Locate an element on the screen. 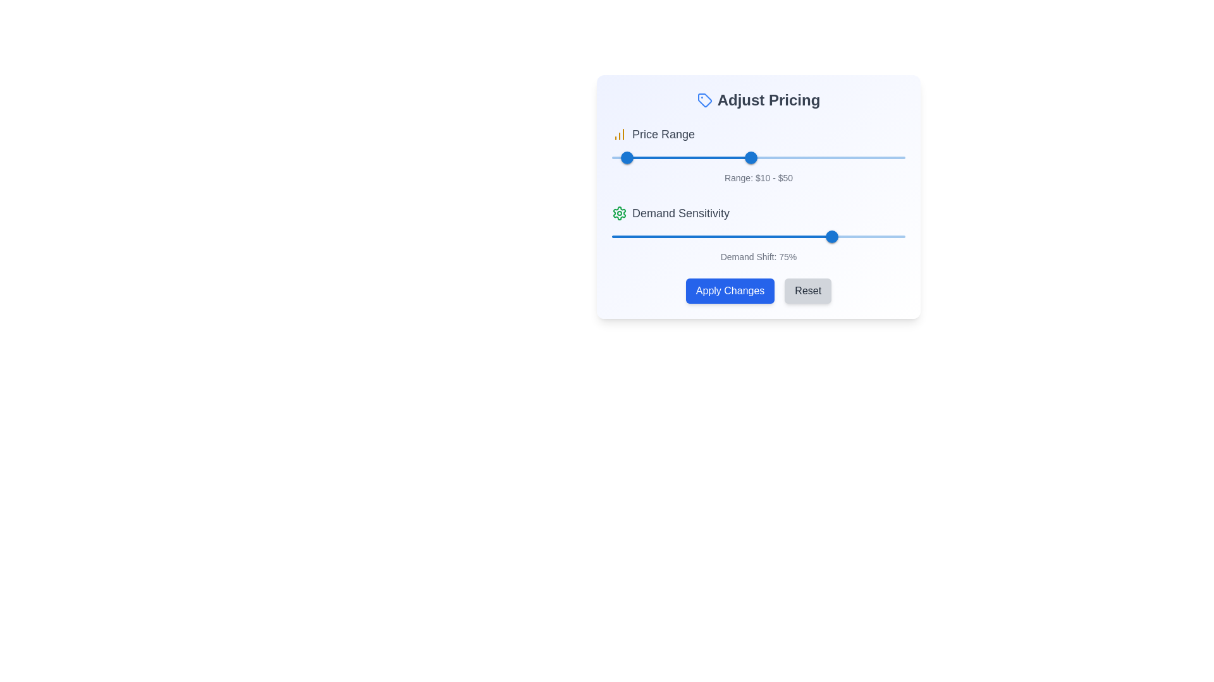 The image size is (1214, 682). the Price Range slider is located at coordinates (644, 157).